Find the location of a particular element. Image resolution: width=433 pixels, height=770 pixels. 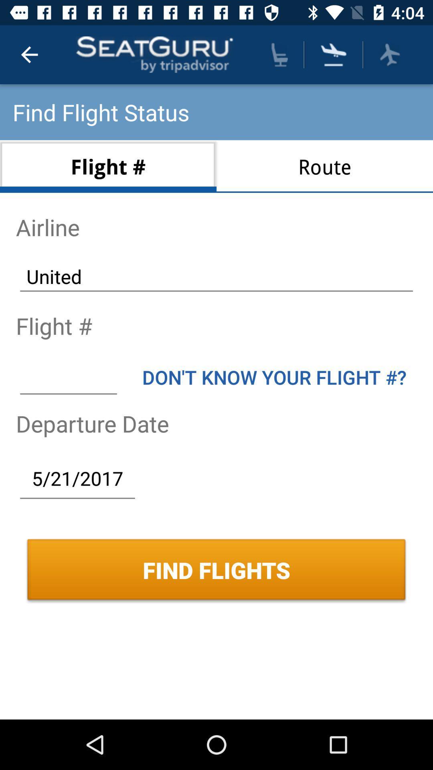

item below the 5/21/2017 is located at coordinates (216, 569).